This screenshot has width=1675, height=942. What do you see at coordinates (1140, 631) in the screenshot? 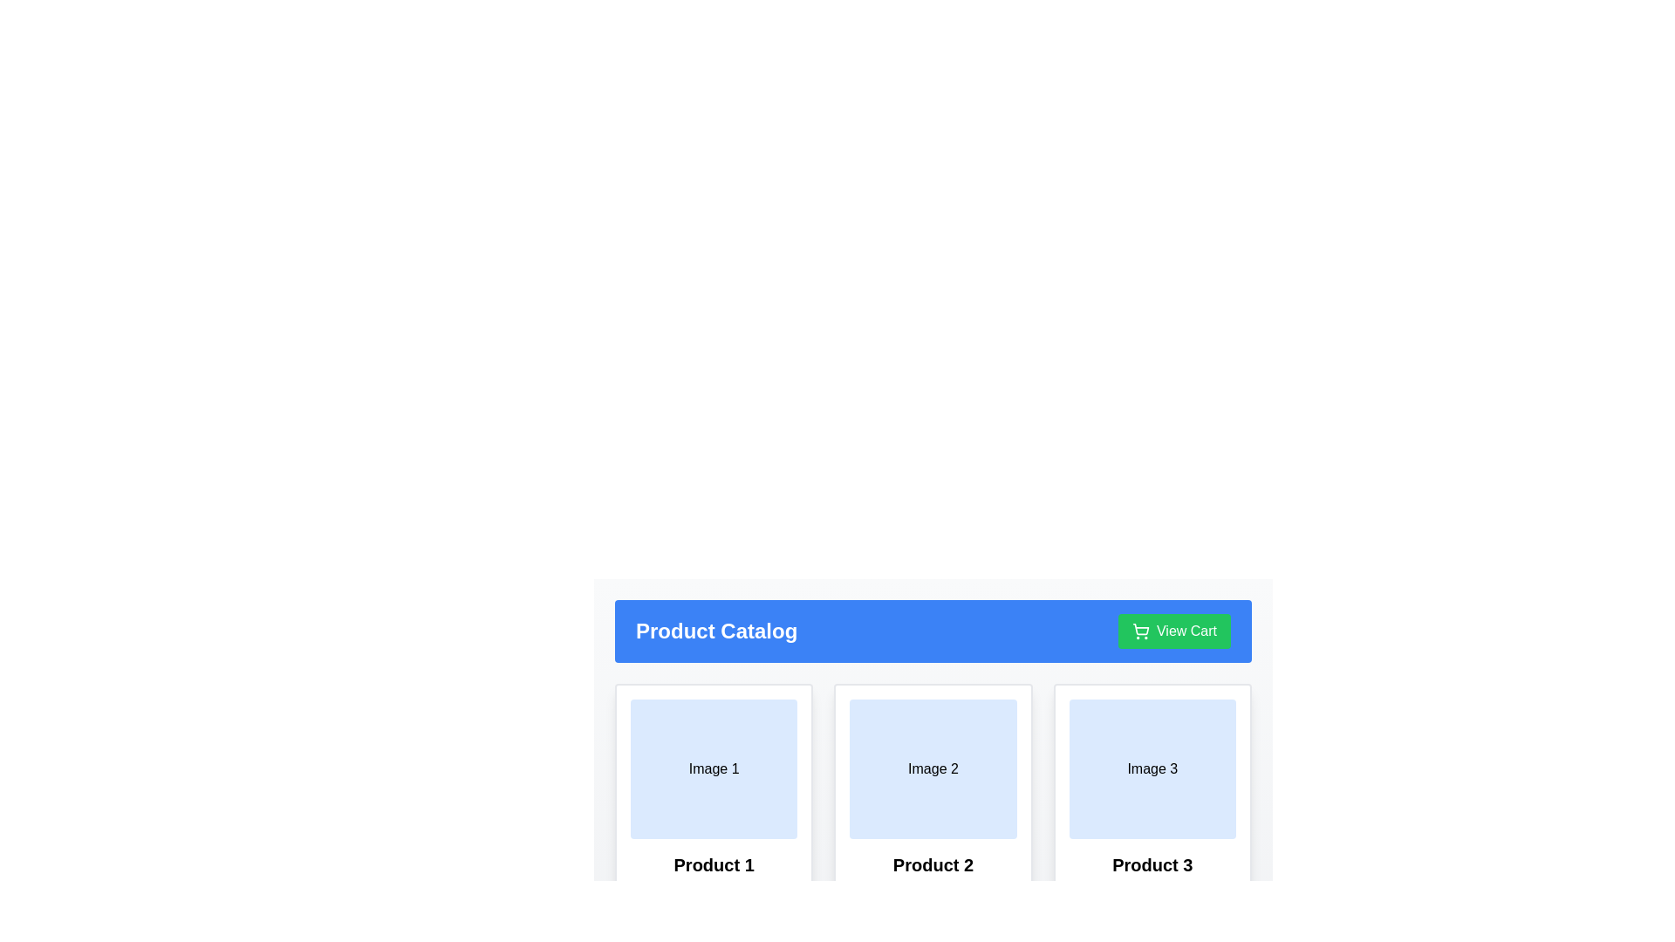
I see `the shopping cart icon located inside the green button next to the 'View Cart' text in the top-right portion of the blue header bar labeled 'Product Catalog'` at bounding box center [1140, 631].